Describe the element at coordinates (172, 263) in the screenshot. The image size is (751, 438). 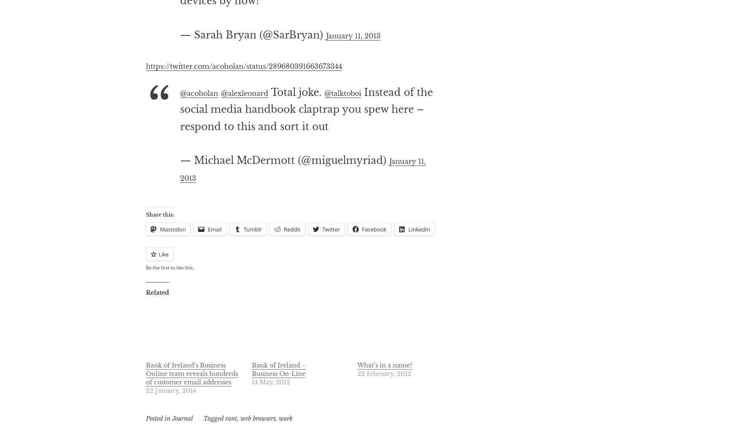
I see `'Mastodon'` at that location.